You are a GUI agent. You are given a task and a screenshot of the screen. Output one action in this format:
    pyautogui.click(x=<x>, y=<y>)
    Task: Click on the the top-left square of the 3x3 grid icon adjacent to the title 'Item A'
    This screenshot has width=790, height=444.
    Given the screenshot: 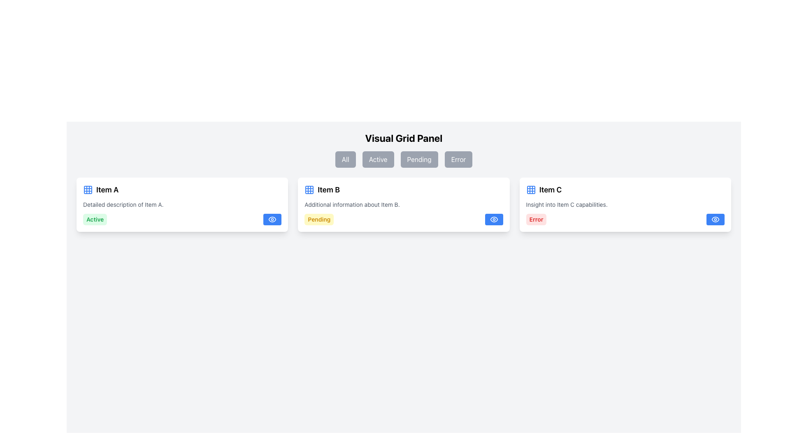 What is the action you would take?
    pyautogui.click(x=88, y=190)
    